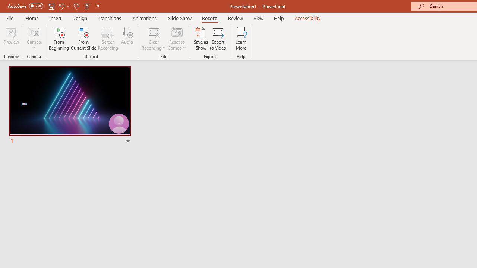  What do you see at coordinates (11, 38) in the screenshot?
I see `'Preview'` at bounding box center [11, 38].